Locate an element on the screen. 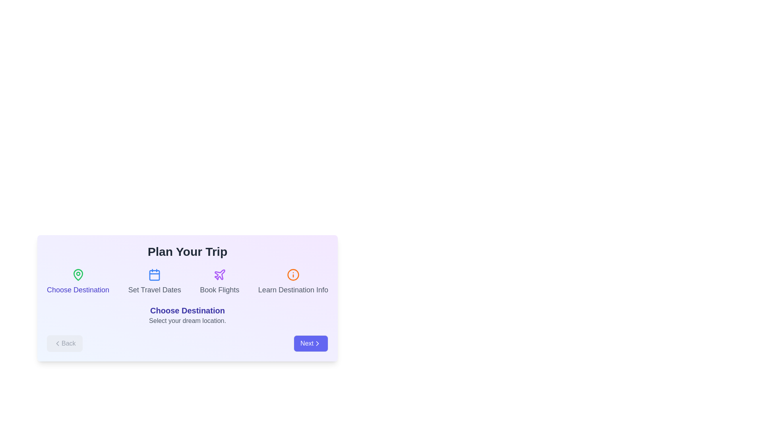 Image resolution: width=763 pixels, height=429 pixels. the Label or Text Header that describes the action for setting travel dates, positioned centrally below the calendar icon in the sequence of options is located at coordinates (155, 290).